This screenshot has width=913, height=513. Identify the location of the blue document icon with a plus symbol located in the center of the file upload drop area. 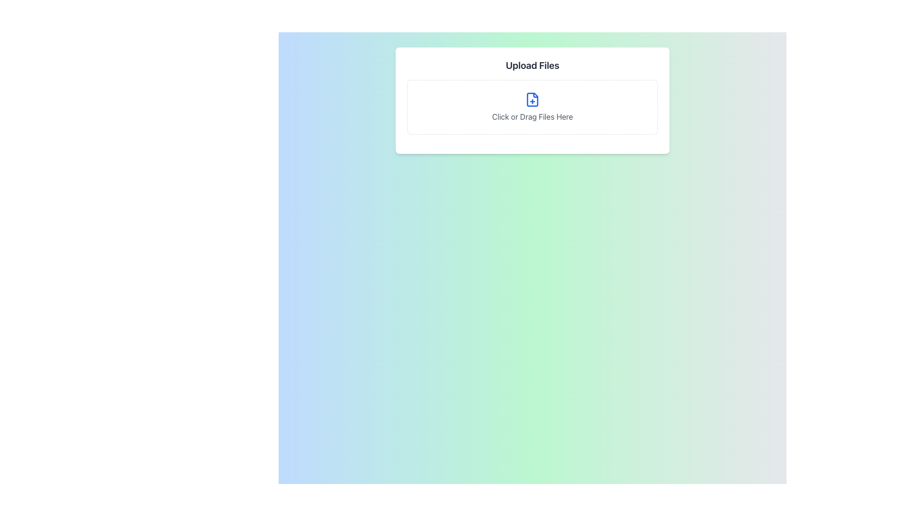
(532, 99).